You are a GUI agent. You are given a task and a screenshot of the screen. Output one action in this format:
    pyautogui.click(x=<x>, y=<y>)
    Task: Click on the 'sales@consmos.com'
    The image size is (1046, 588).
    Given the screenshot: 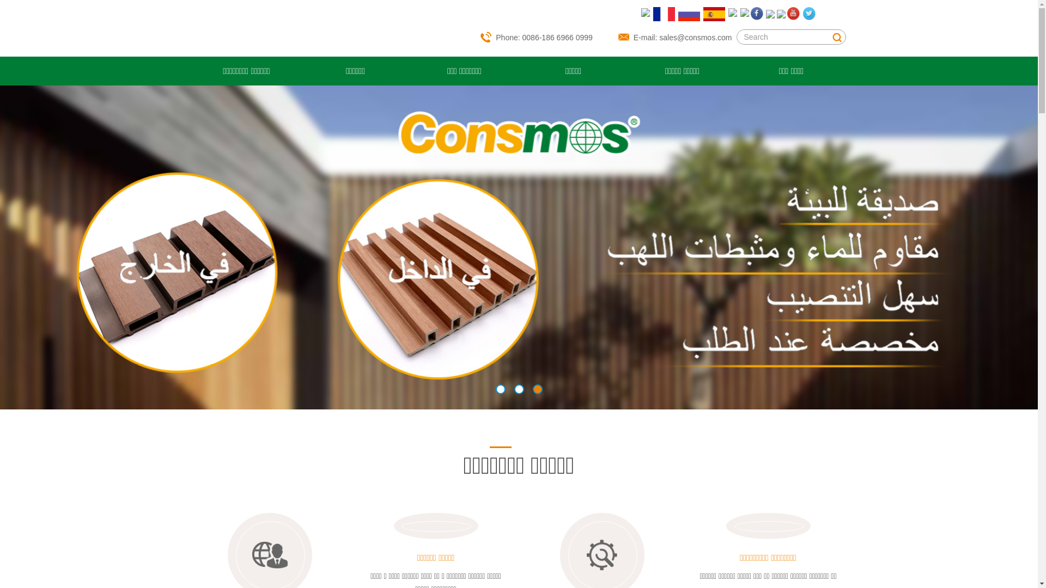 What is the action you would take?
    pyautogui.click(x=695, y=37)
    